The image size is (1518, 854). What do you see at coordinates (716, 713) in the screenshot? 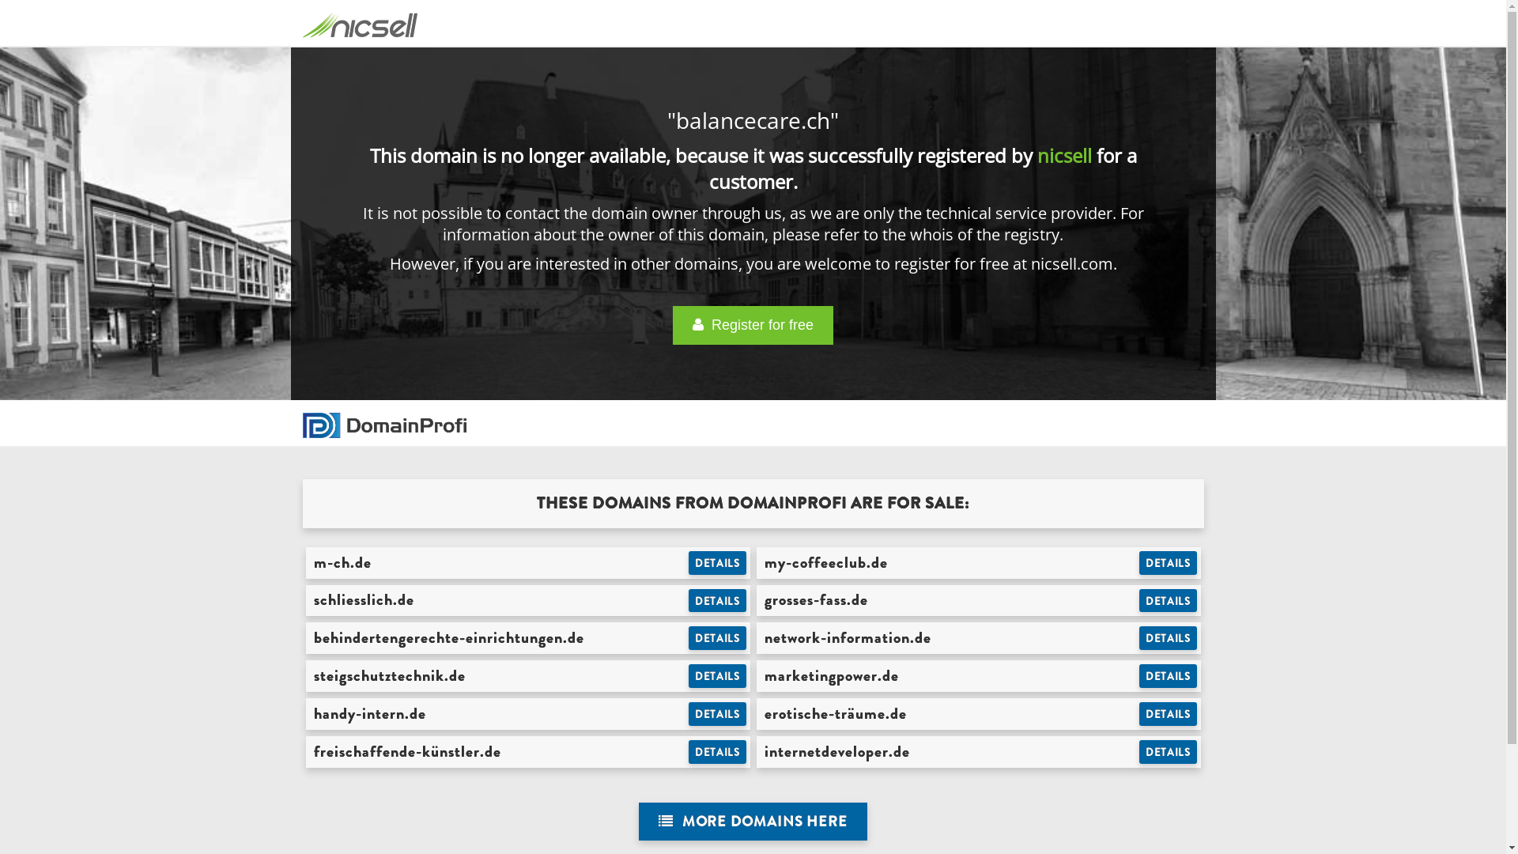
I see `'DETAILS'` at bounding box center [716, 713].